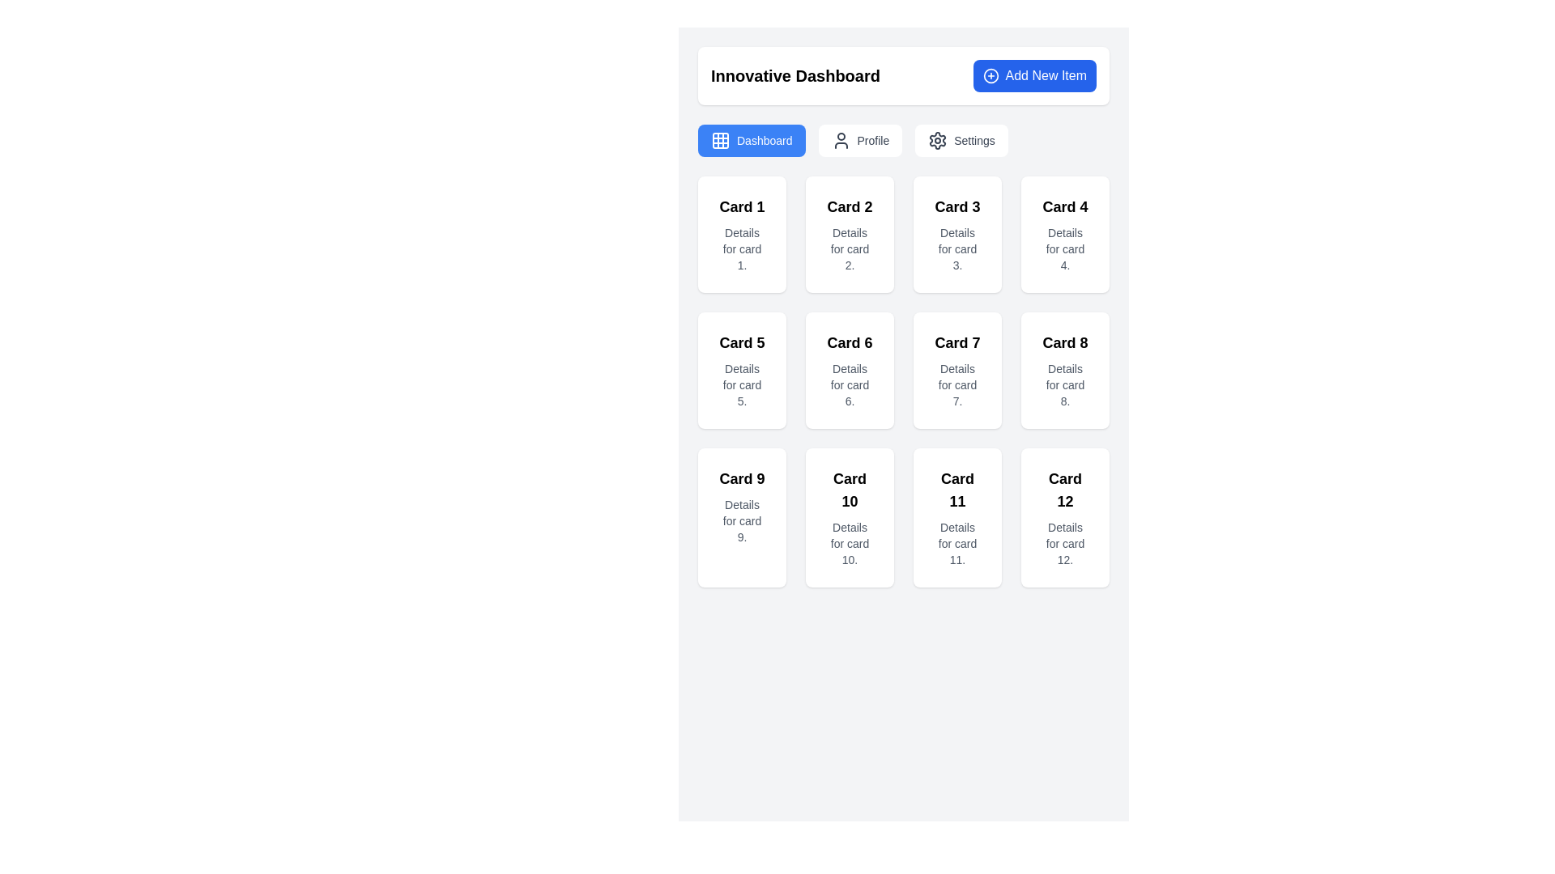 The width and height of the screenshot is (1555, 874). I want to click on the 'Dashboard' icon located within the blue button, so click(719, 139).